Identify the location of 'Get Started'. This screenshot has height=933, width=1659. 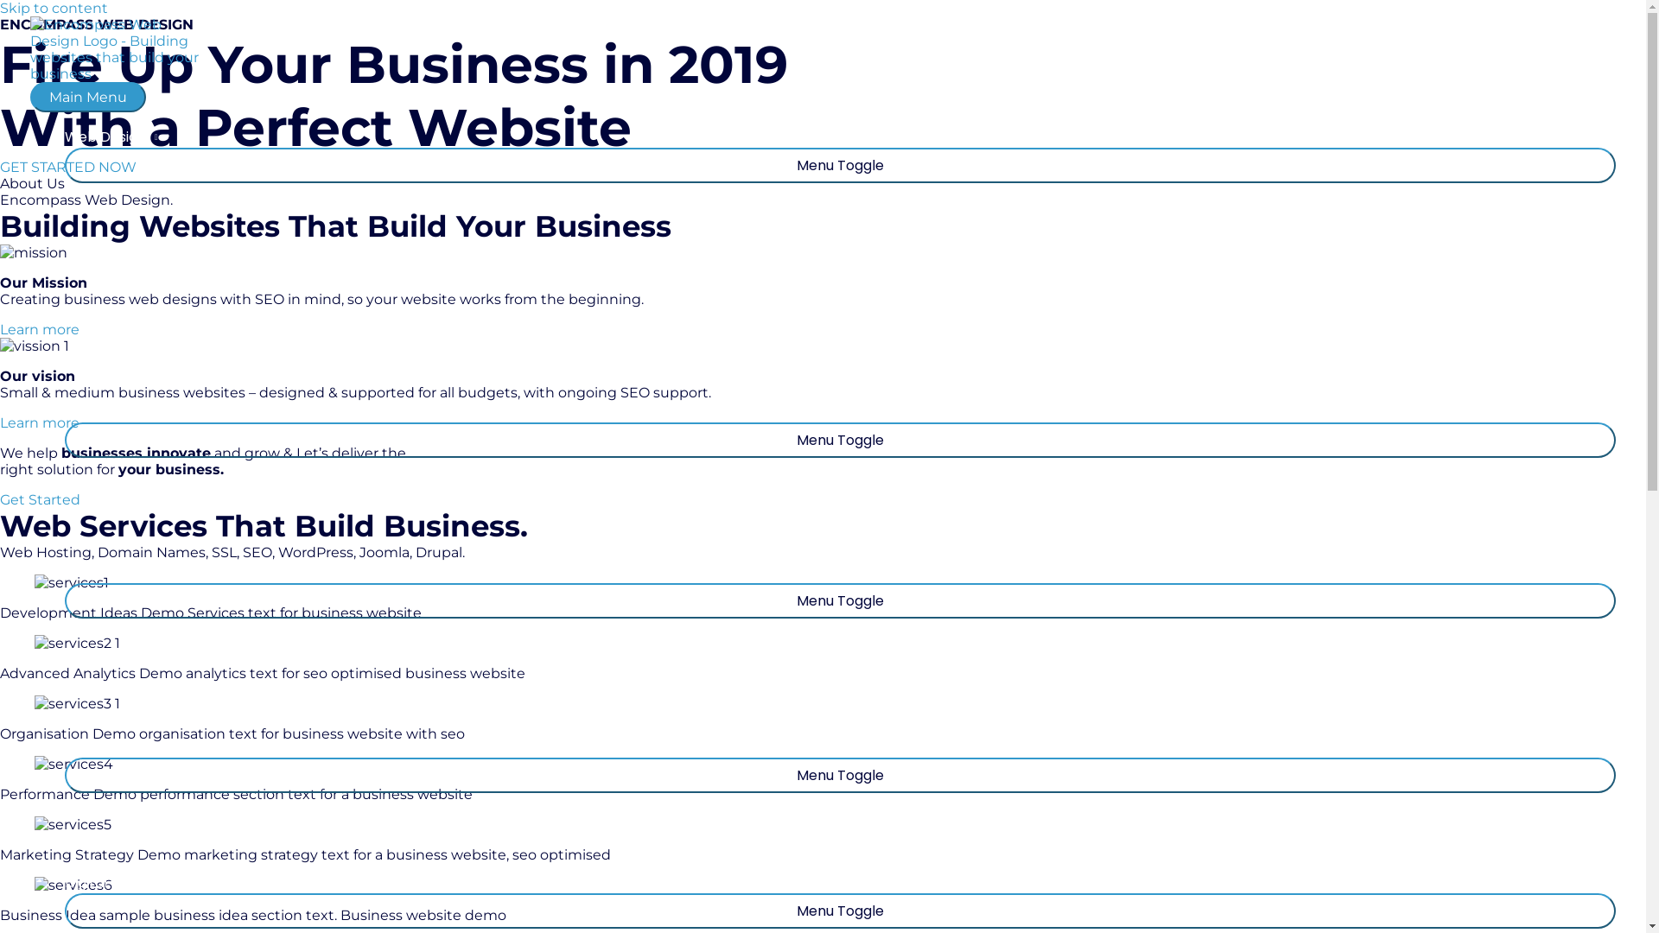
(40, 499).